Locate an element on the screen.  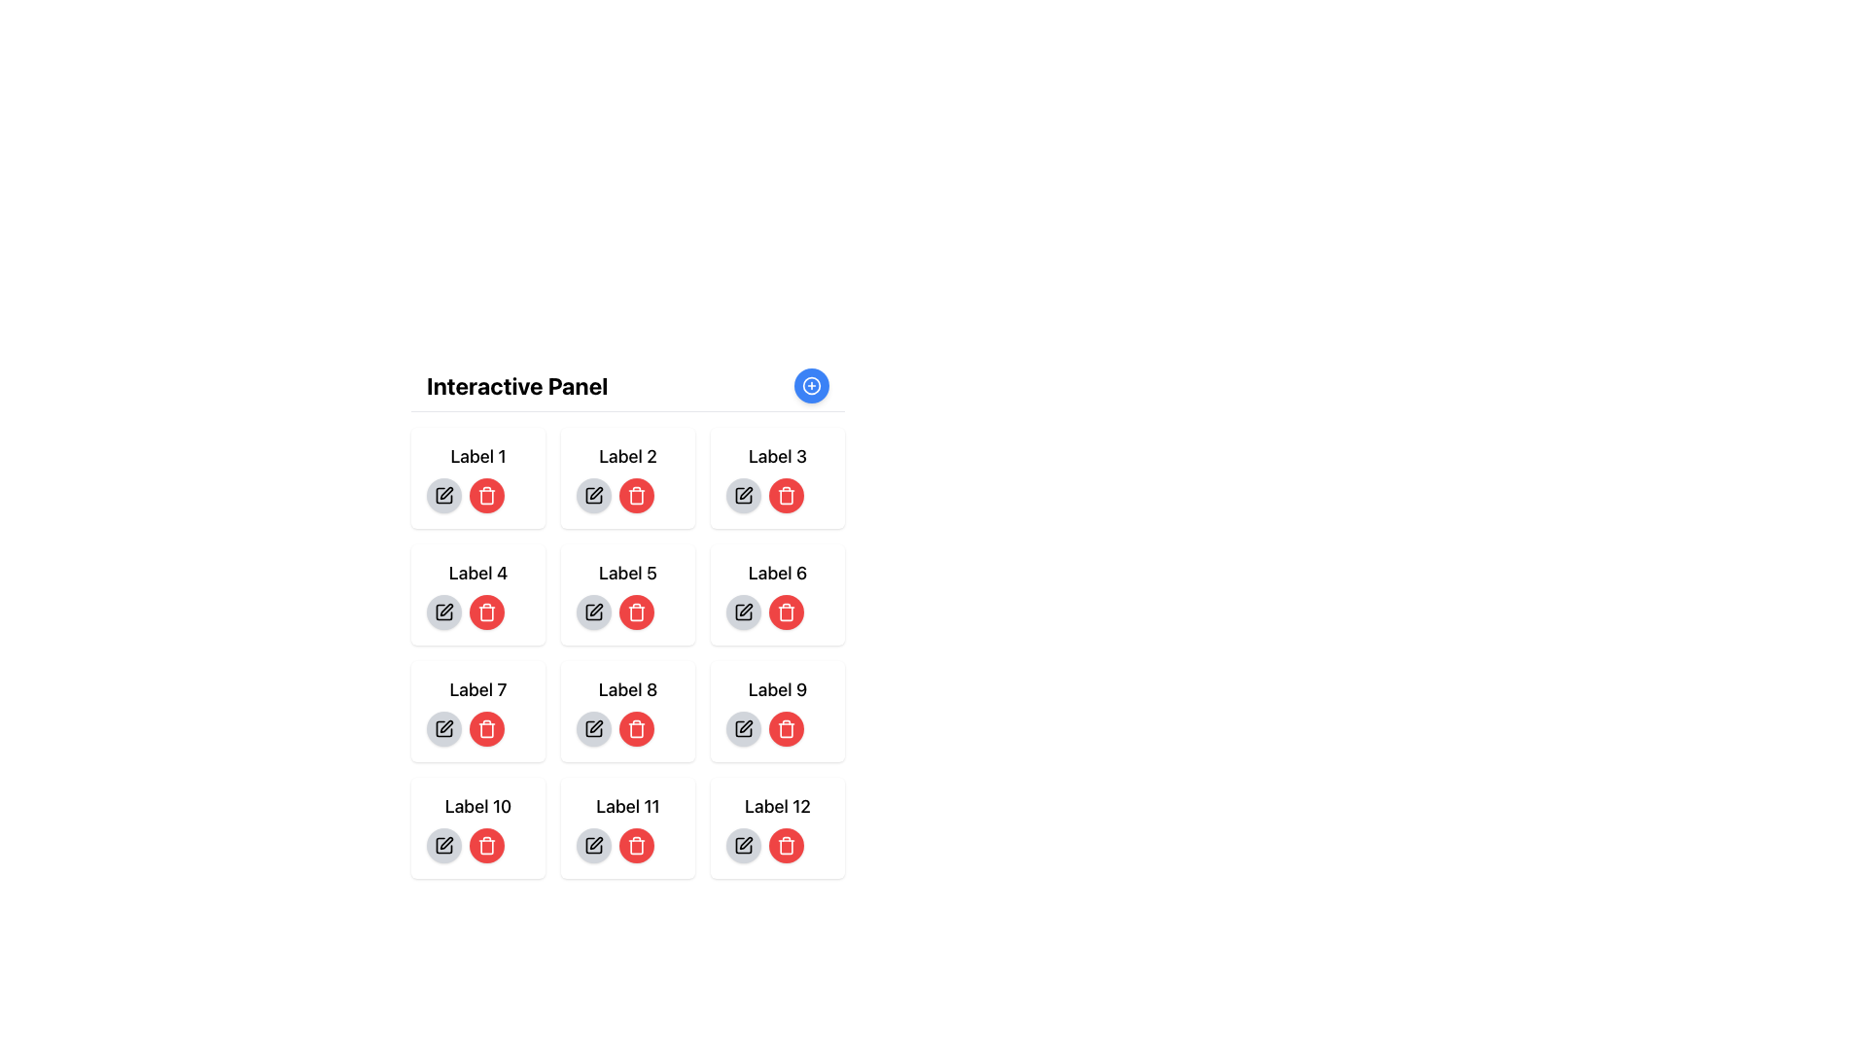
the edit button associated with 'Label 7' located in row 3, column 1 of the grid layout is located at coordinates (442, 728).